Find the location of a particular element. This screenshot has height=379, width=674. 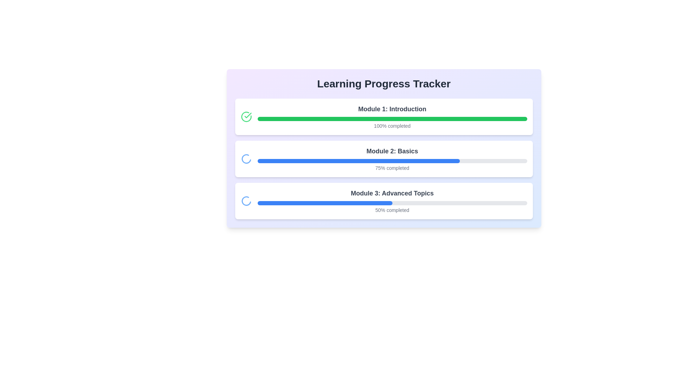

the progress bar labeled 'Module 3: Advanced Topics' that indicates '50% completed' is located at coordinates (392, 201).